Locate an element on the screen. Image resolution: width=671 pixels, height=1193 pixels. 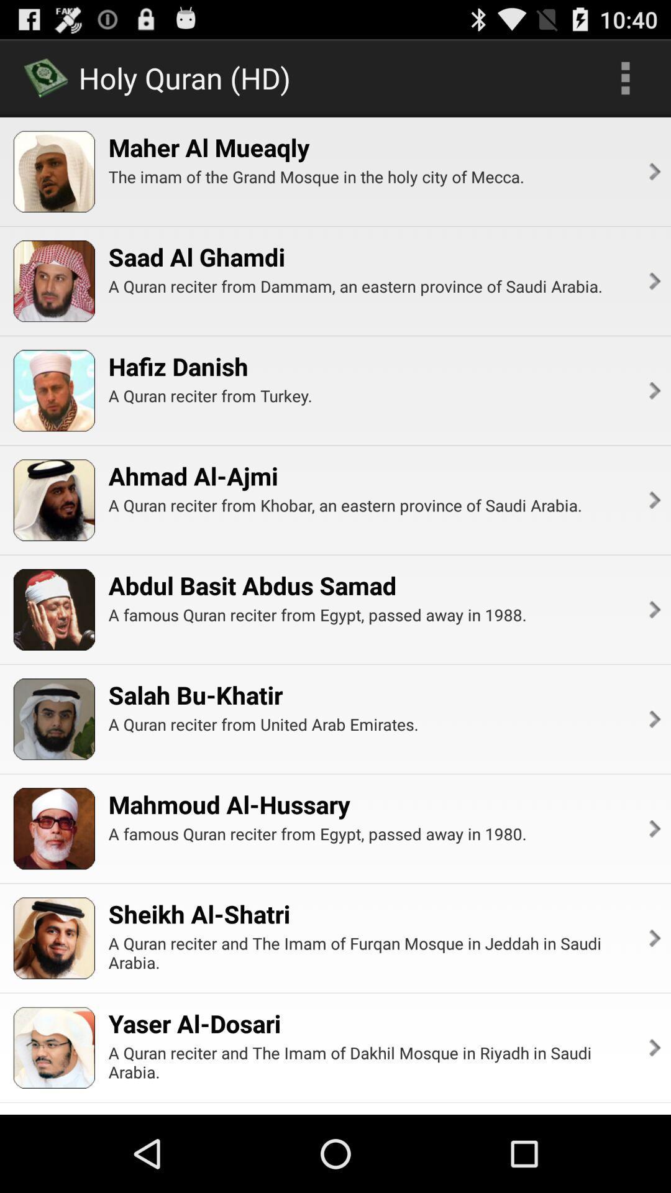
icon below the the imam of item is located at coordinates (196, 256).